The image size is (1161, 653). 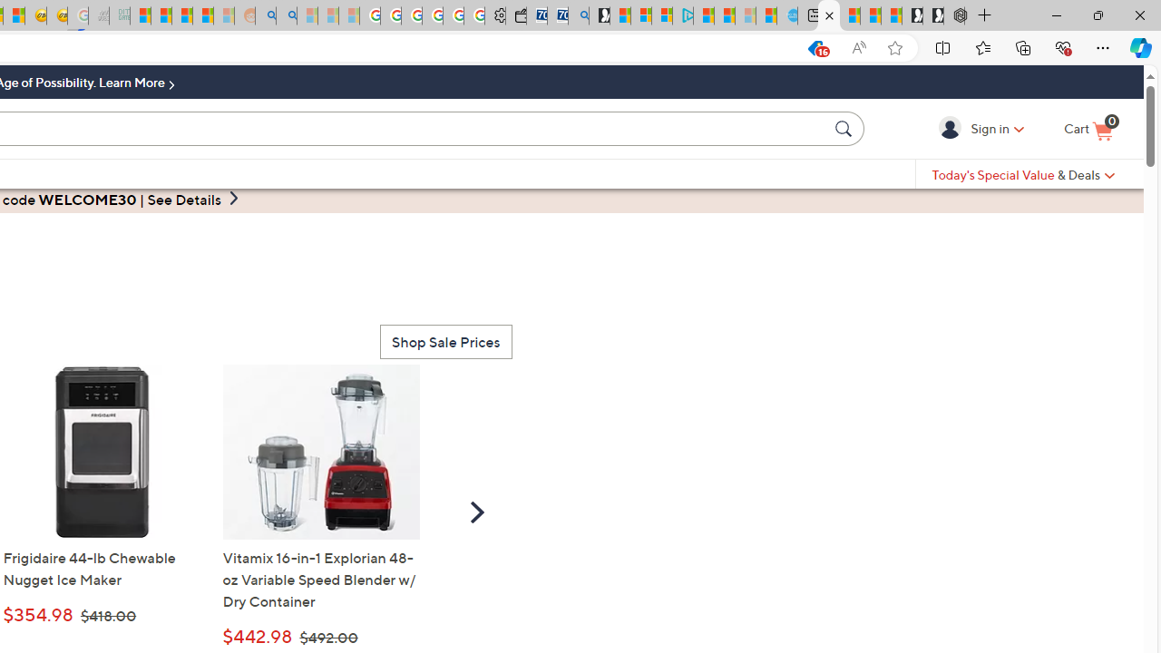 I want to click on 'Home | Sky Blue Bikes - Sky Blue Bikes', so click(x=786, y=15).